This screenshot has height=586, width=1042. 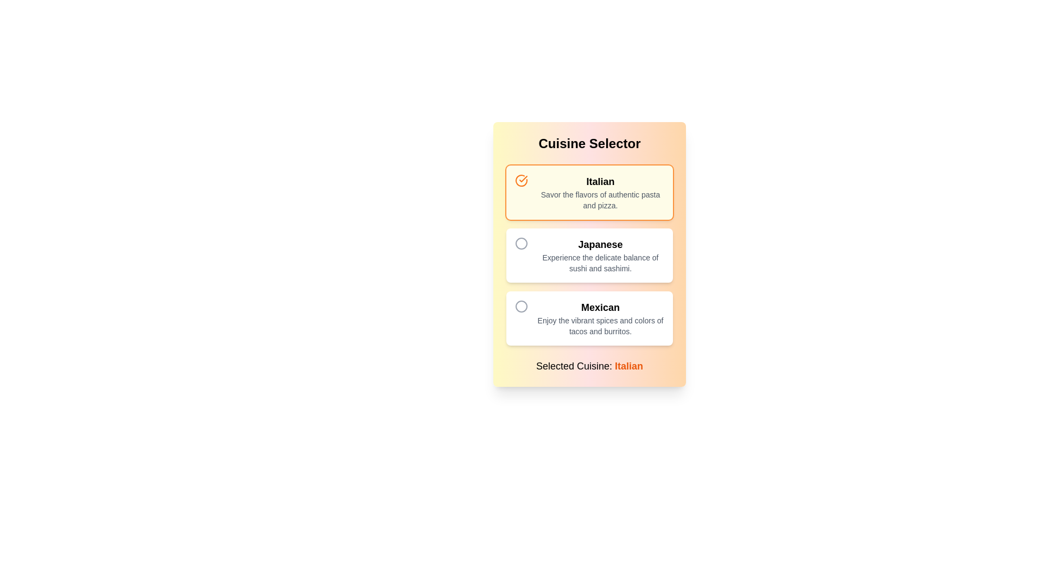 What do you see at coordinates (589, 366) in the screenshot?
I see `the Text Label that indicates the selected cuisine, located below the cuisine selection boxes` at bounding box center [589, 366].